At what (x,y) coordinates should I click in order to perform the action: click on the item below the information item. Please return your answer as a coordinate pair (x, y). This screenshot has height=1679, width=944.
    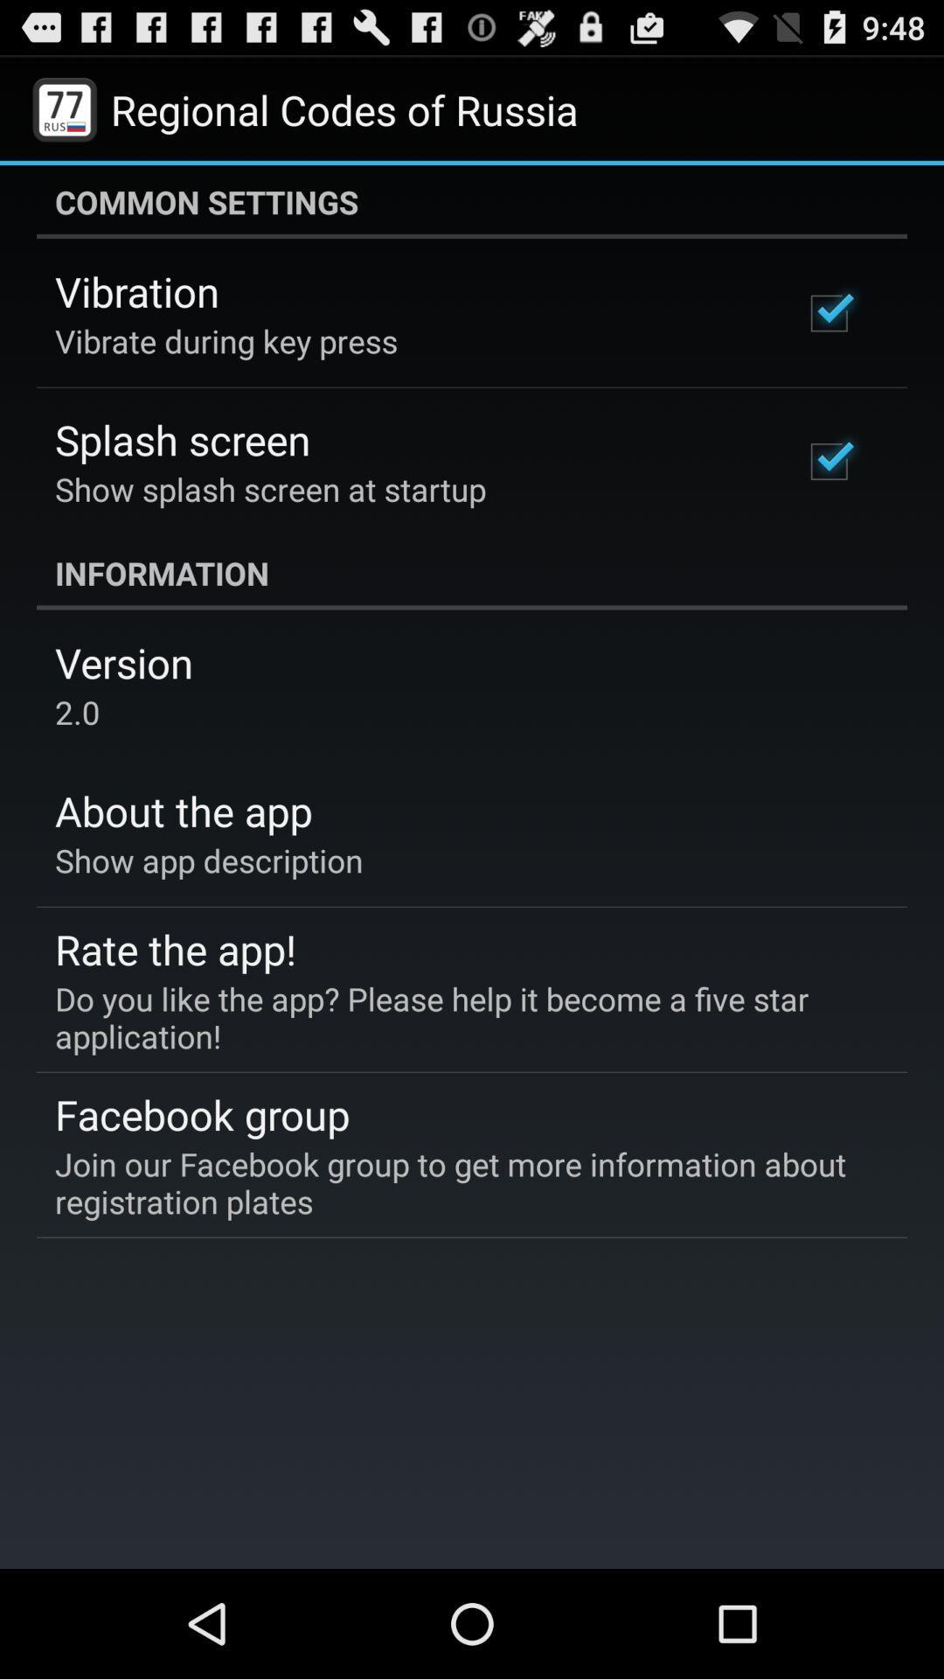
    Looking at the image, I should click on (123, 661).